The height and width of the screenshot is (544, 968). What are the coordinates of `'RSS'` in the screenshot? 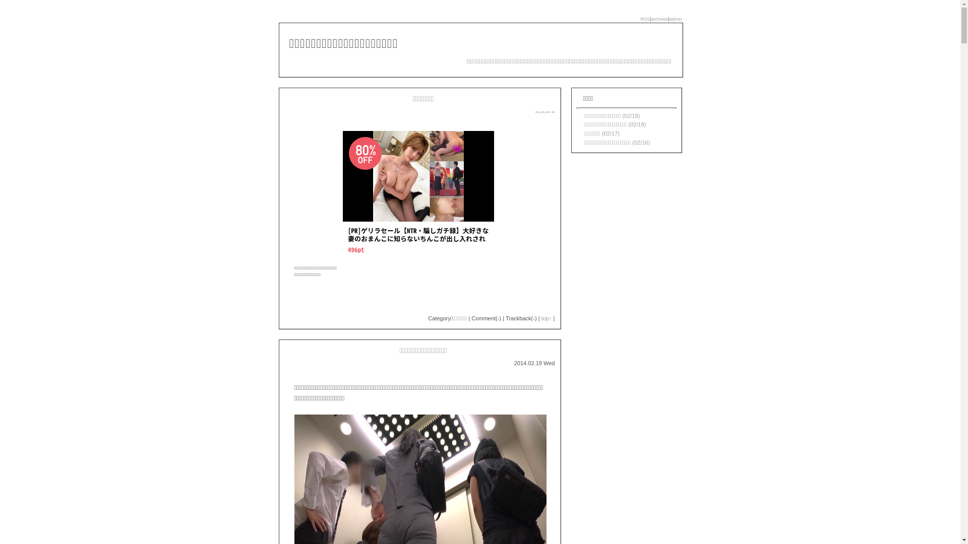 It's located at (644, 19).